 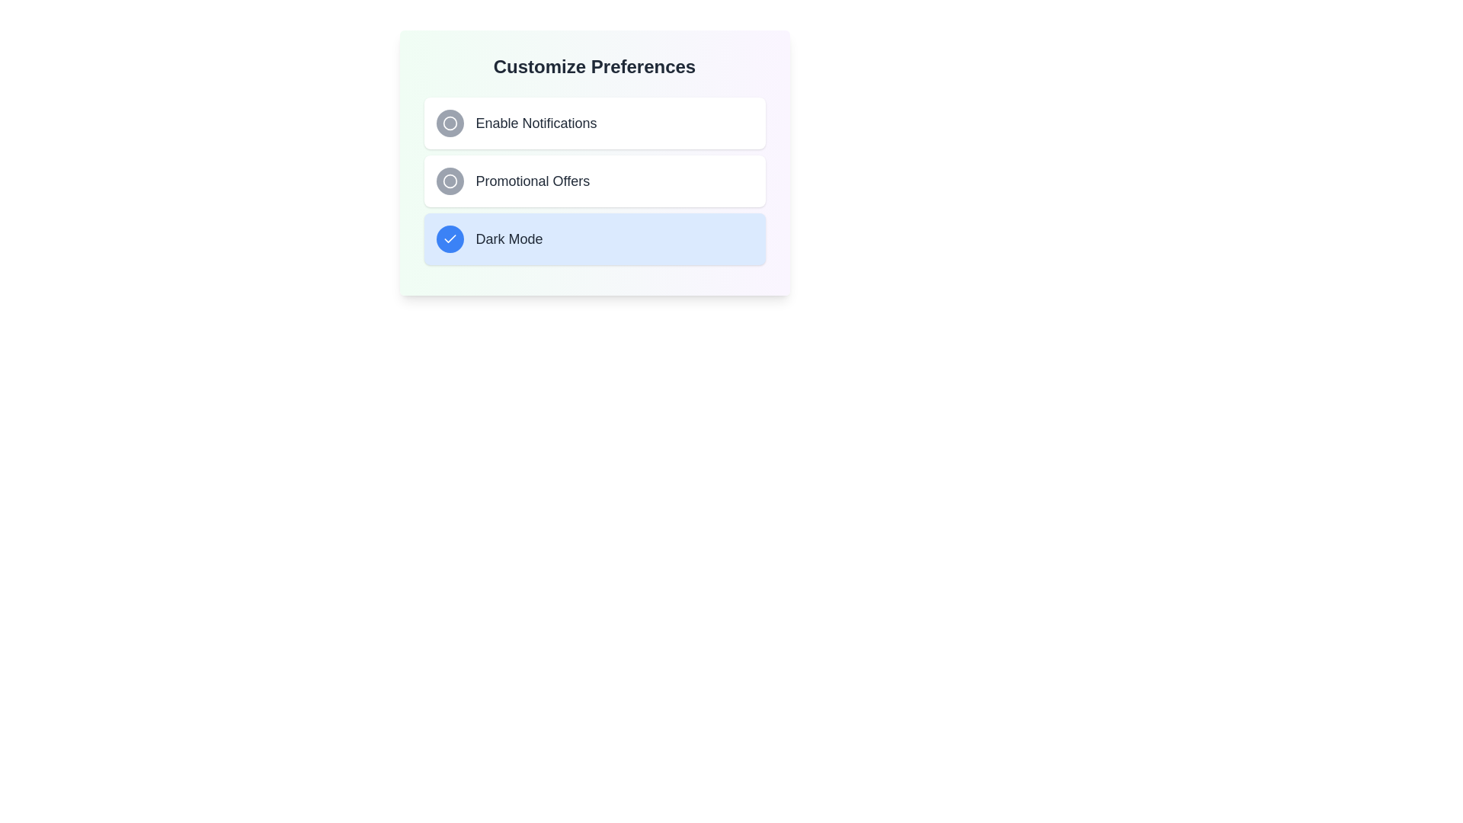 What do you see at coordinates (594, 181) in the screenshot?
I see `the preference item Promotional Offers` at bounding box center [594, 181].